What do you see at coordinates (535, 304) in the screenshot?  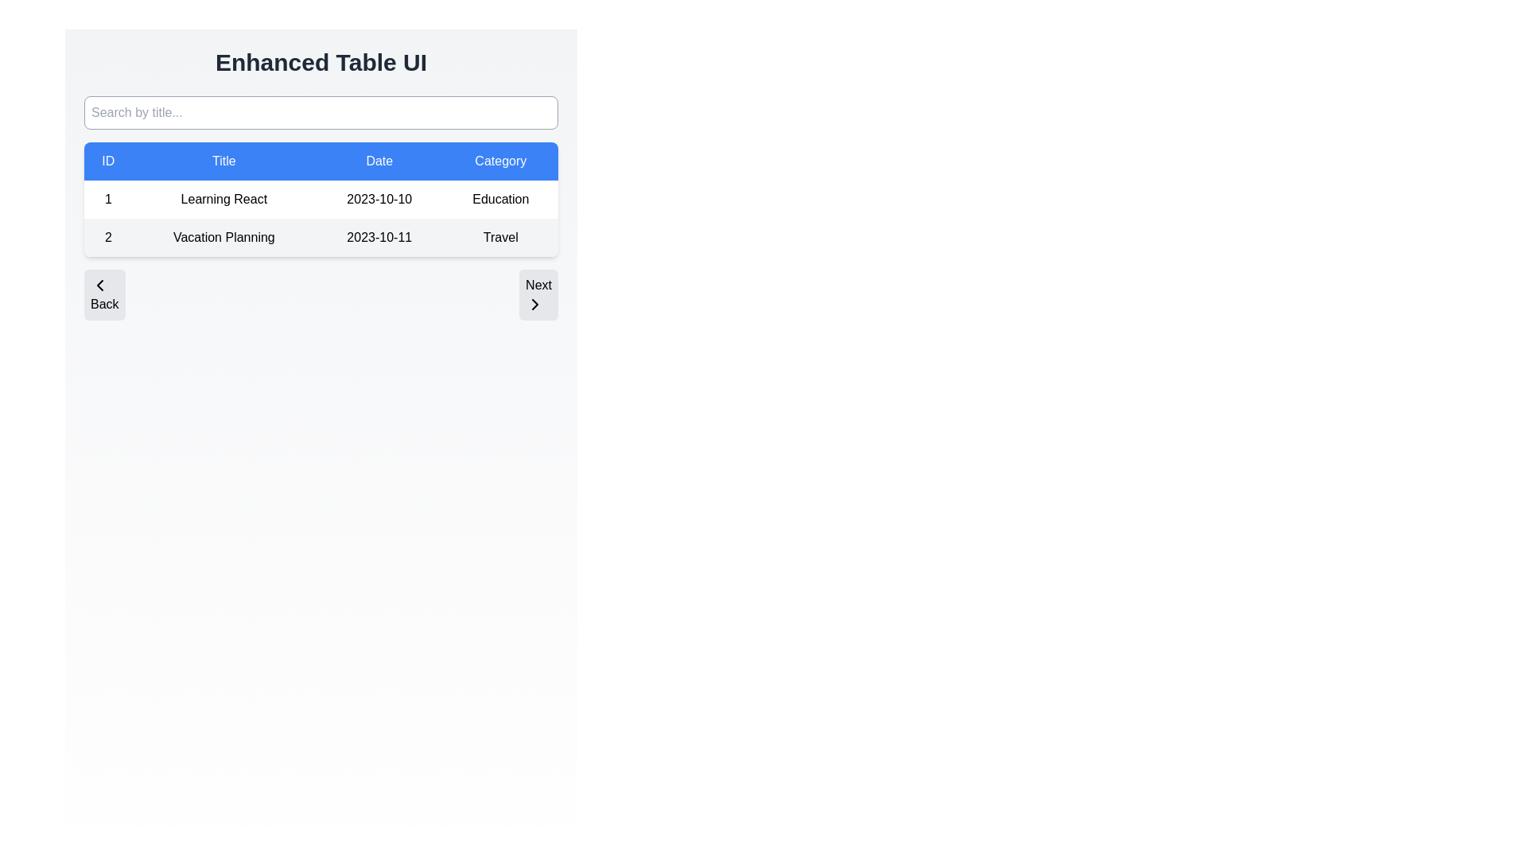 I see `the chevron icon indicating the 'Next' button, which is part of the pagination controls at the bottom-right of the interface` at bounding box center [535, 304].